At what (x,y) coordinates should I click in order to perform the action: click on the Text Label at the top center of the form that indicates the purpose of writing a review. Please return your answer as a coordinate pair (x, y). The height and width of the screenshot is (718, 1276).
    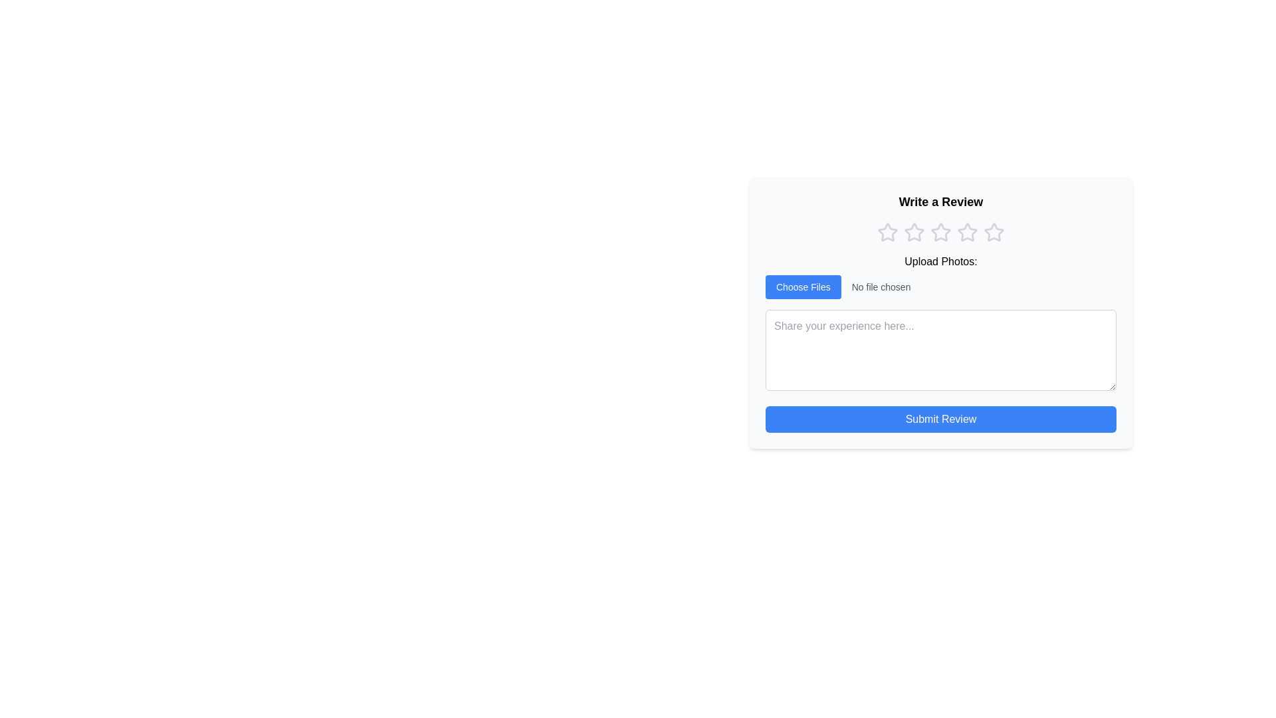
    Looking at the image, I should click on (940, 202).